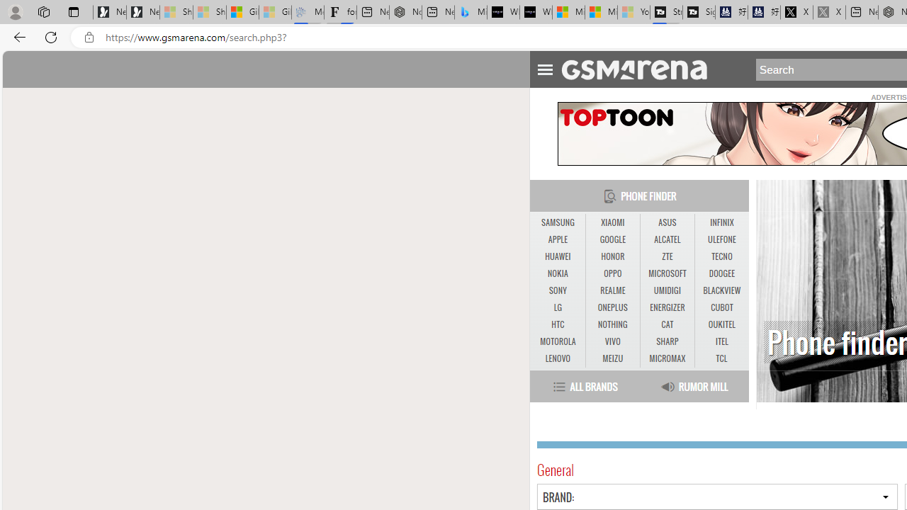 This screenshot has width=907, height=510. Describe the element at coordinates (667, 239) in the screenshot. I see `'ALCATEL'` at that location.